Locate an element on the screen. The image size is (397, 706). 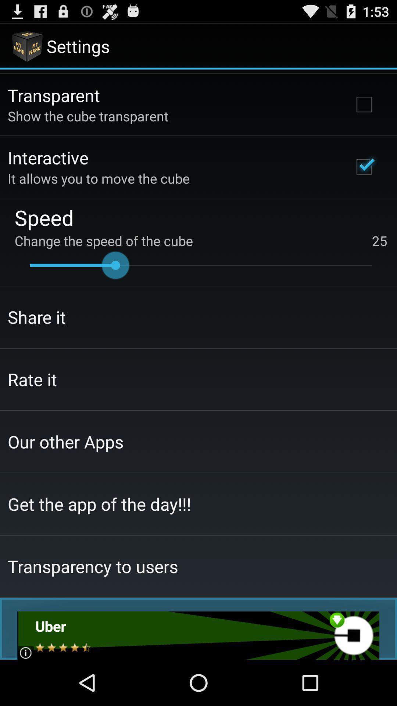
download uber app is located at coordinates (198, 635).